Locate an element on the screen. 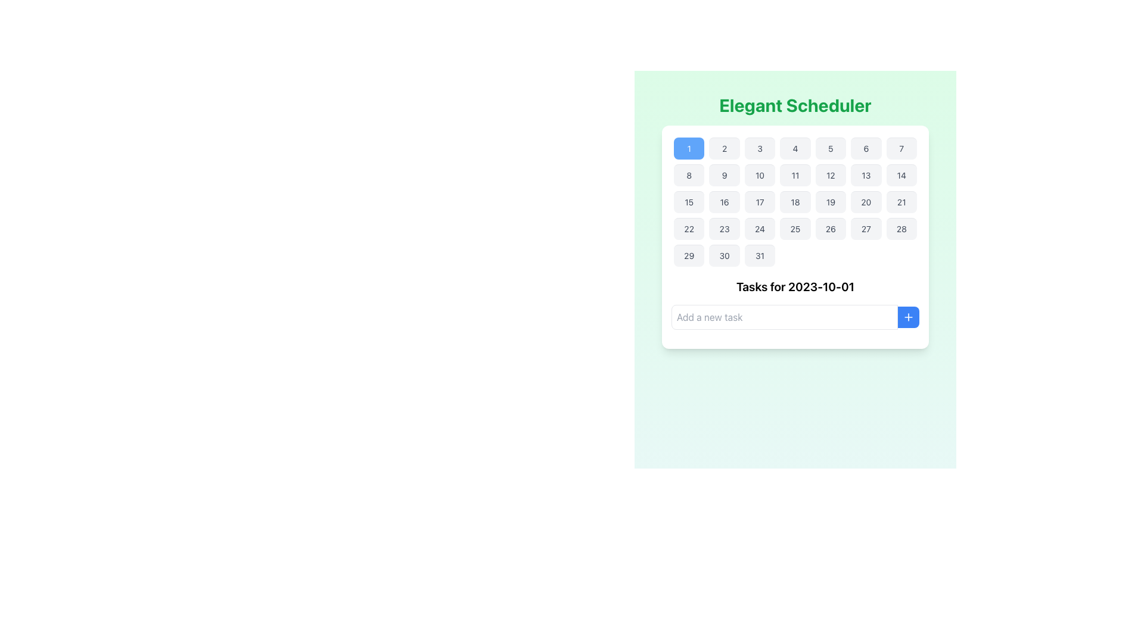 The image size is (1144, 643). the button in the sixth row and sixth column of the calendar grid is located at coordinates (866, 229).